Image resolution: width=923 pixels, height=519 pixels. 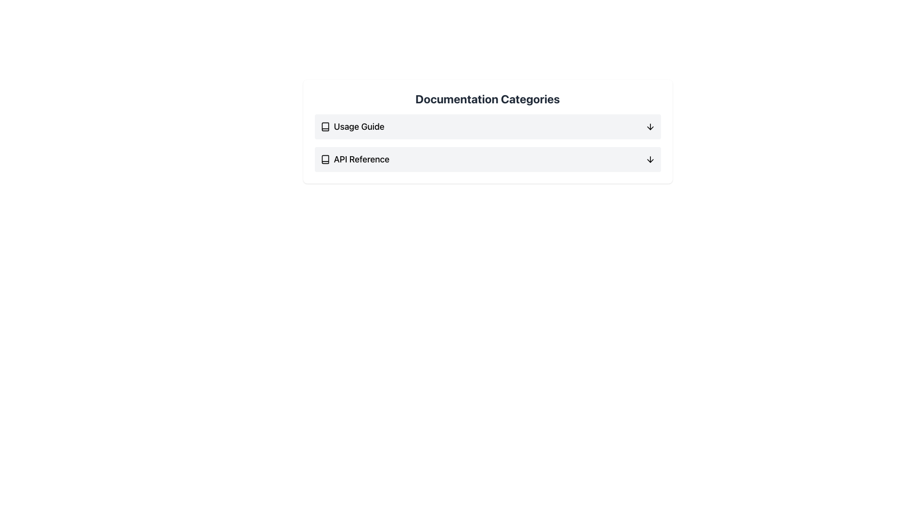 What do you see at coordinates (325, 159) in the screenshot?
I see `the small, vector-based book icon located to the left of the 'API Reference' text label` at bounding box center [325, 159].